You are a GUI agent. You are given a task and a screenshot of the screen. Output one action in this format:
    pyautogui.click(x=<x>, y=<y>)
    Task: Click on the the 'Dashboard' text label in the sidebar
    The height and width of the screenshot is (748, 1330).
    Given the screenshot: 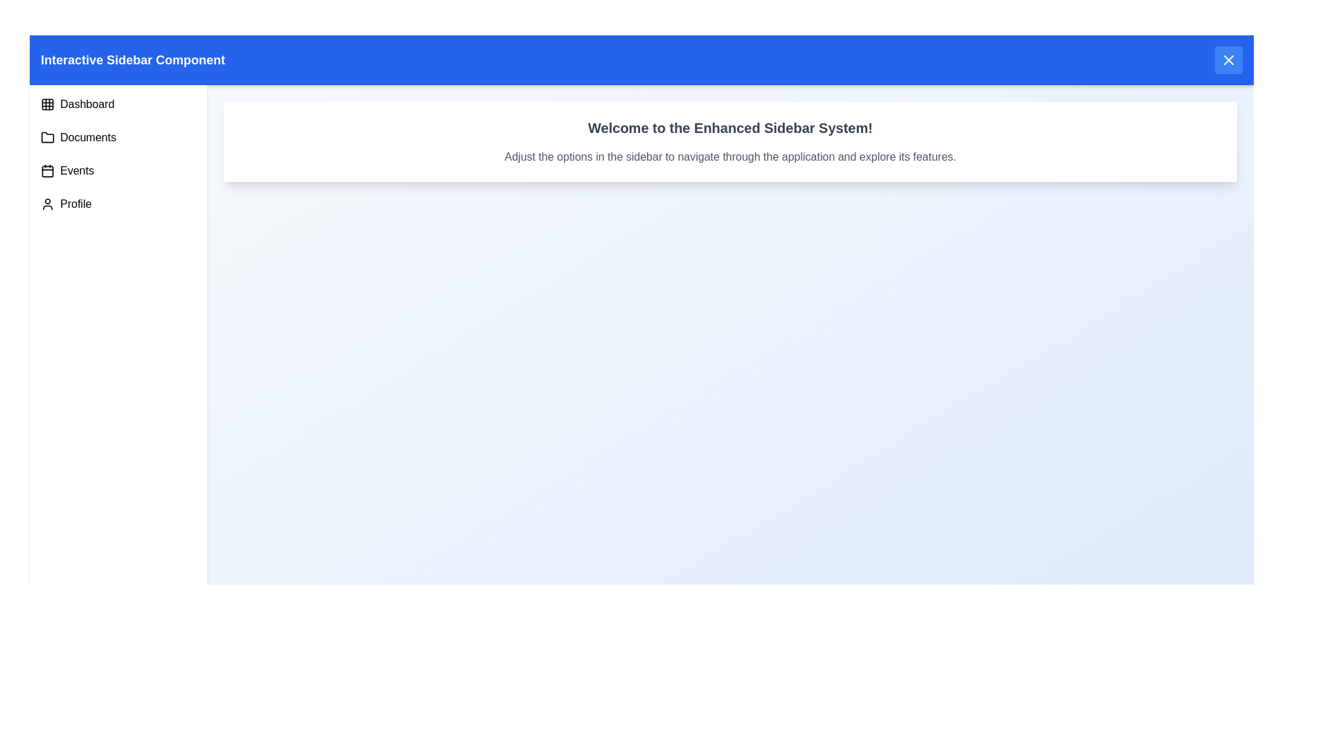 What is the action you would take?
    pyautogui.click(x=87, y=103)
    